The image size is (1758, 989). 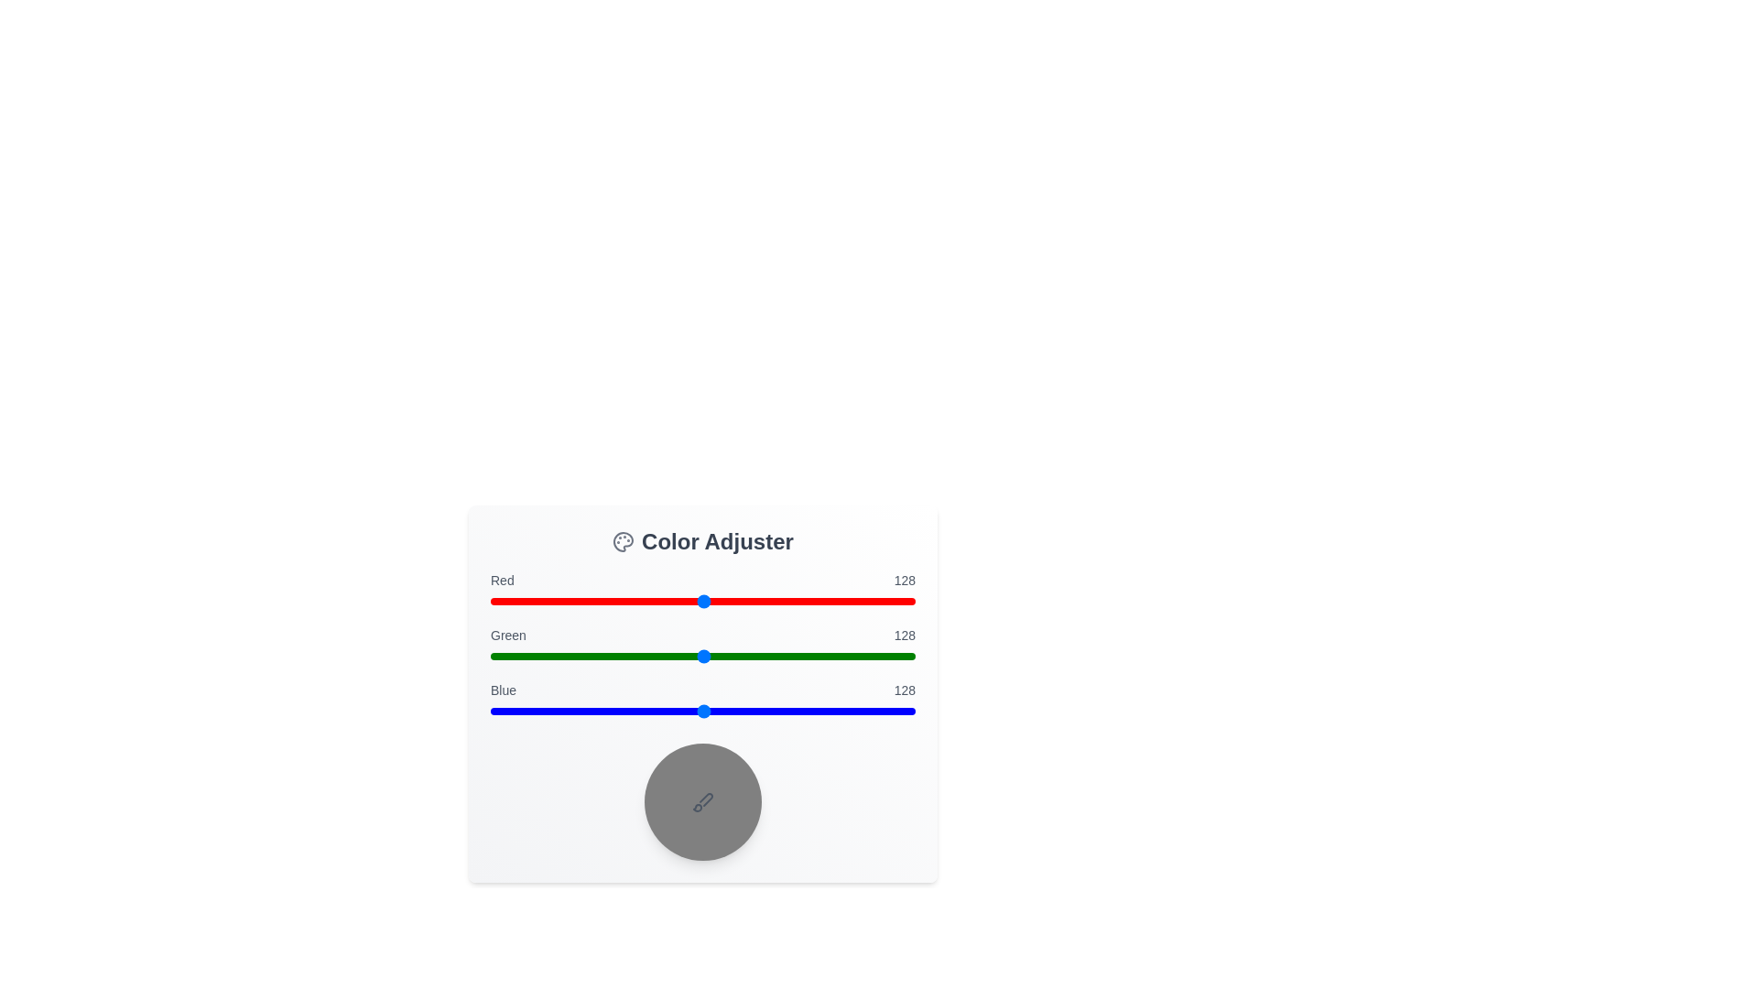 What do you see at coordinates (527, 601) in the screenshot?
I see `the red slider to the value 23` at bounding box center [527, 601].